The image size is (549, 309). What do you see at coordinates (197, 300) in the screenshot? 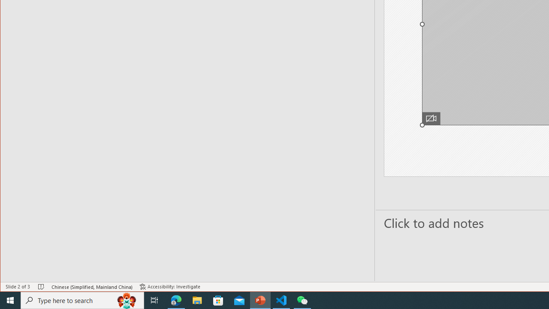
I see `'File Explorer'` at bounding box center [197, 300].